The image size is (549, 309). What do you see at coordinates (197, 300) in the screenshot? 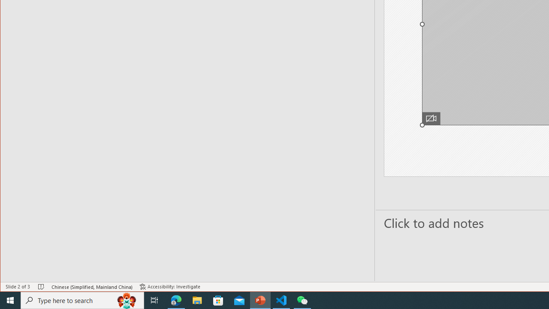
I see `'File Explorer'` at bounding box center [197, 300].